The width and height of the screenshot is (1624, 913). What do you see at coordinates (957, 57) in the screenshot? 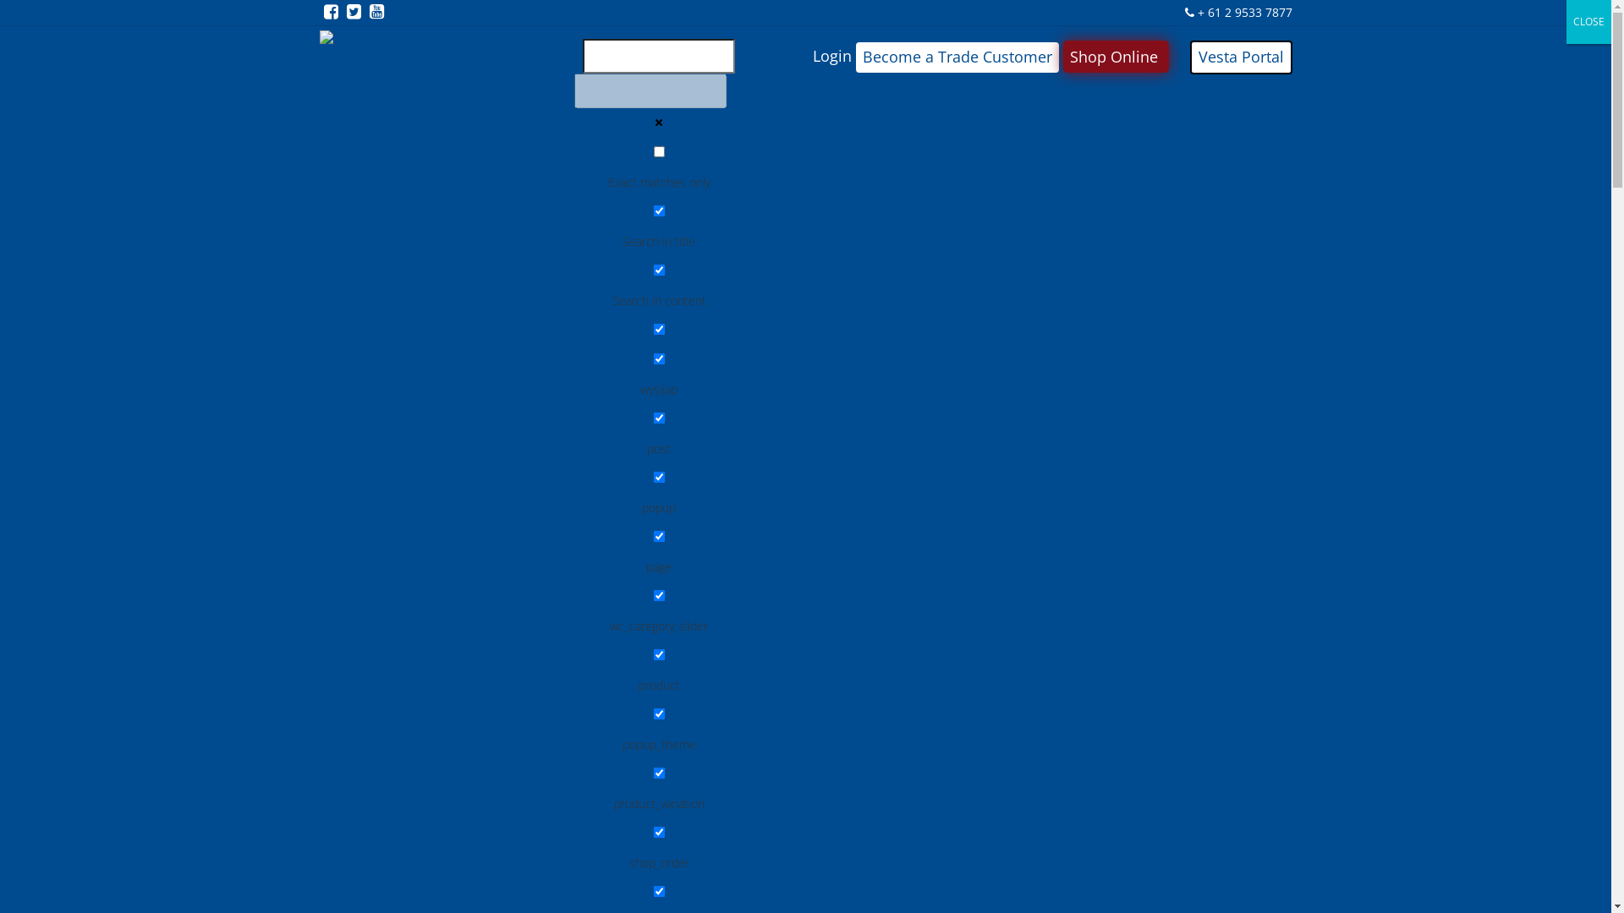
I see `'Become a Trade Customer'` at bounding box center [957, 57].